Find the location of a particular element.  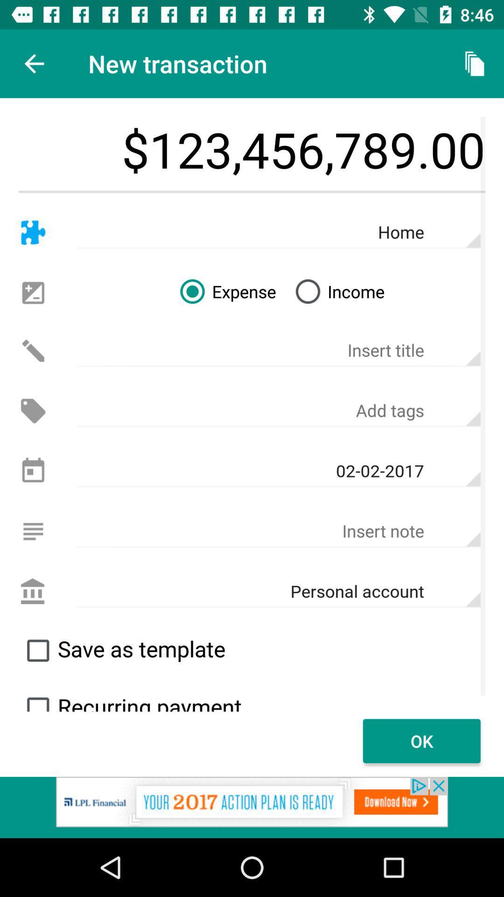

the edit icon is located at coordinates (33, 350).